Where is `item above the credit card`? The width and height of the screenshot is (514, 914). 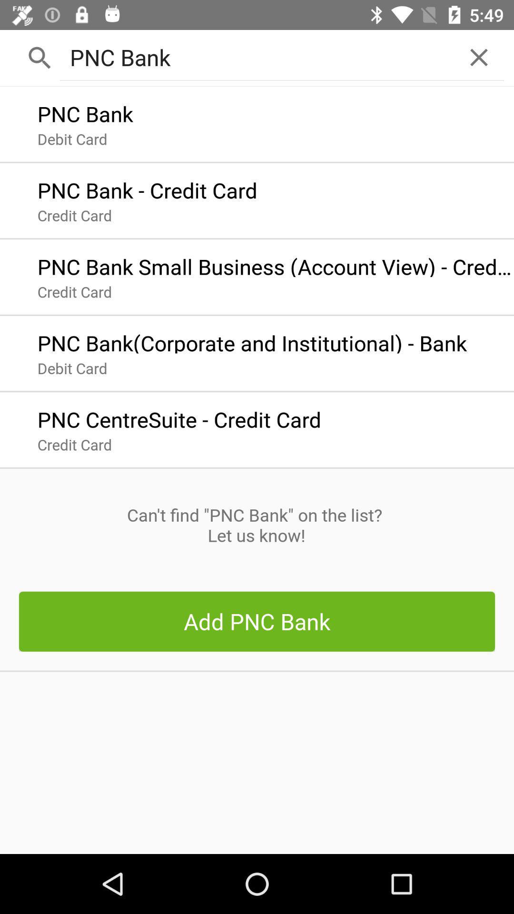 item above the credit card is located at coordinates (179, 417).